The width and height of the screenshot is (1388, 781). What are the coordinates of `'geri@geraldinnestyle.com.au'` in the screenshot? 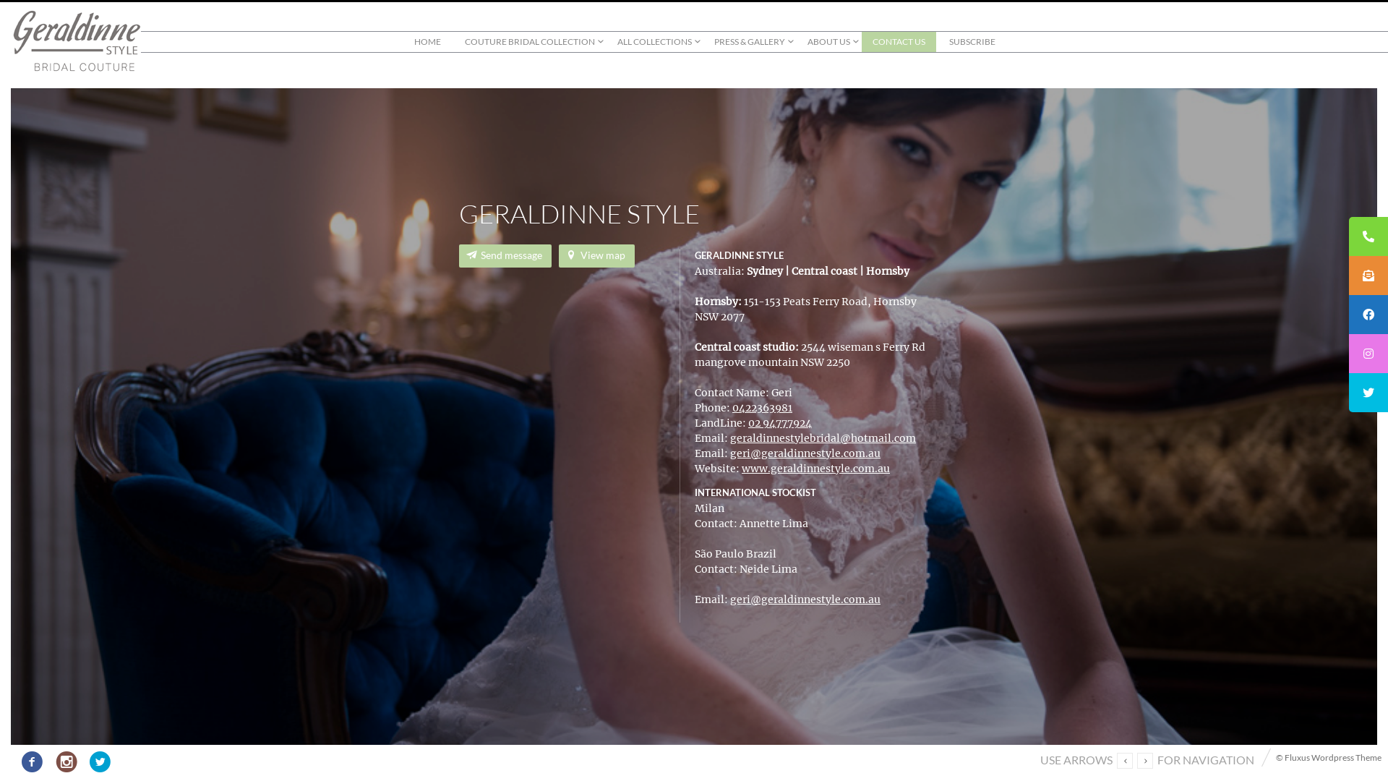 It's located at (729, 453).